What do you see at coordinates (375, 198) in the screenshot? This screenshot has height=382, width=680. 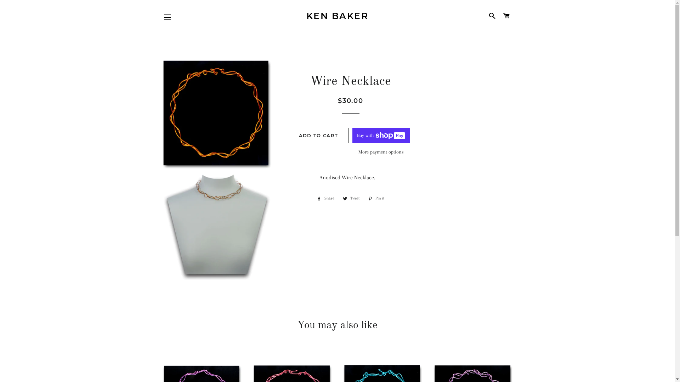 I see `'Pin it` at bounding box center [375, 198].